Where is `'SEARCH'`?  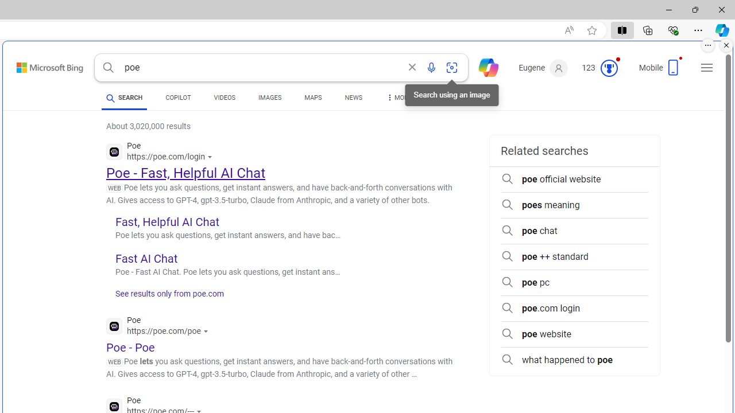 'SEARCH' is located at coordinates (124, 98).